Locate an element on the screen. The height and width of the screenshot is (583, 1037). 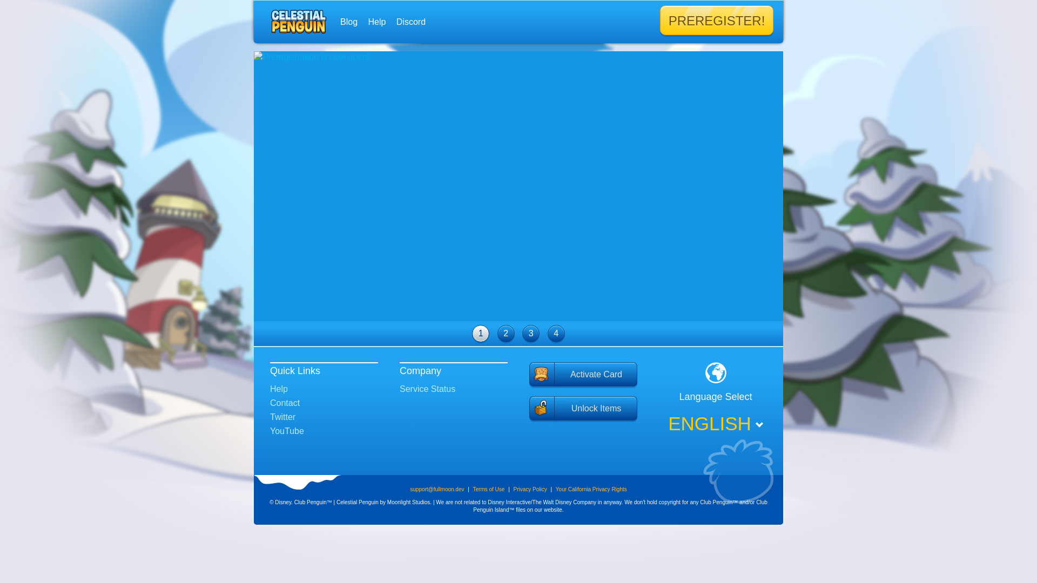
'4' is located at coordinates (547, 333).